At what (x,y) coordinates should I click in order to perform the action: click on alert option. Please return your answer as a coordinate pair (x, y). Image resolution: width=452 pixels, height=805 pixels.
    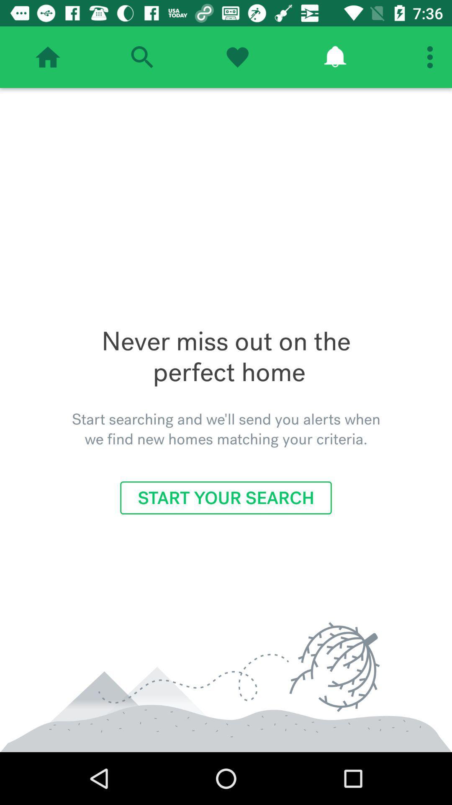
    Looking at the image, I should click on (334, 57).